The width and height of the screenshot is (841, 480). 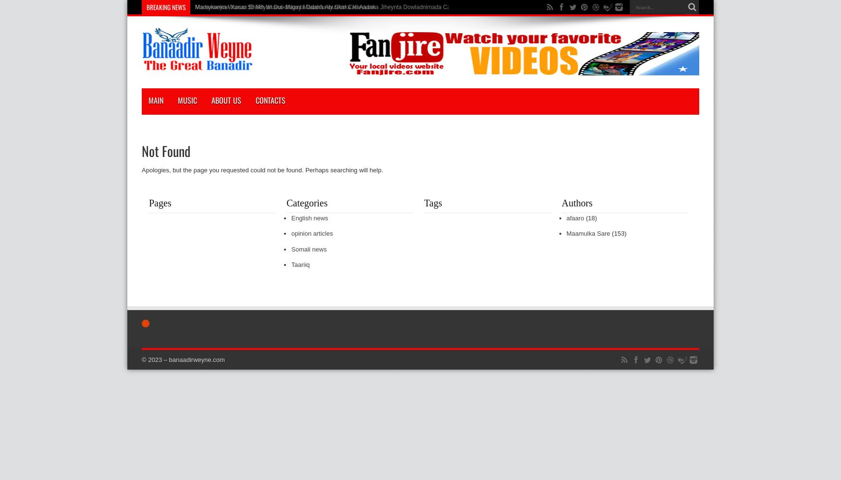 I want to click on 'Somali news', so click(x=308, y=249).